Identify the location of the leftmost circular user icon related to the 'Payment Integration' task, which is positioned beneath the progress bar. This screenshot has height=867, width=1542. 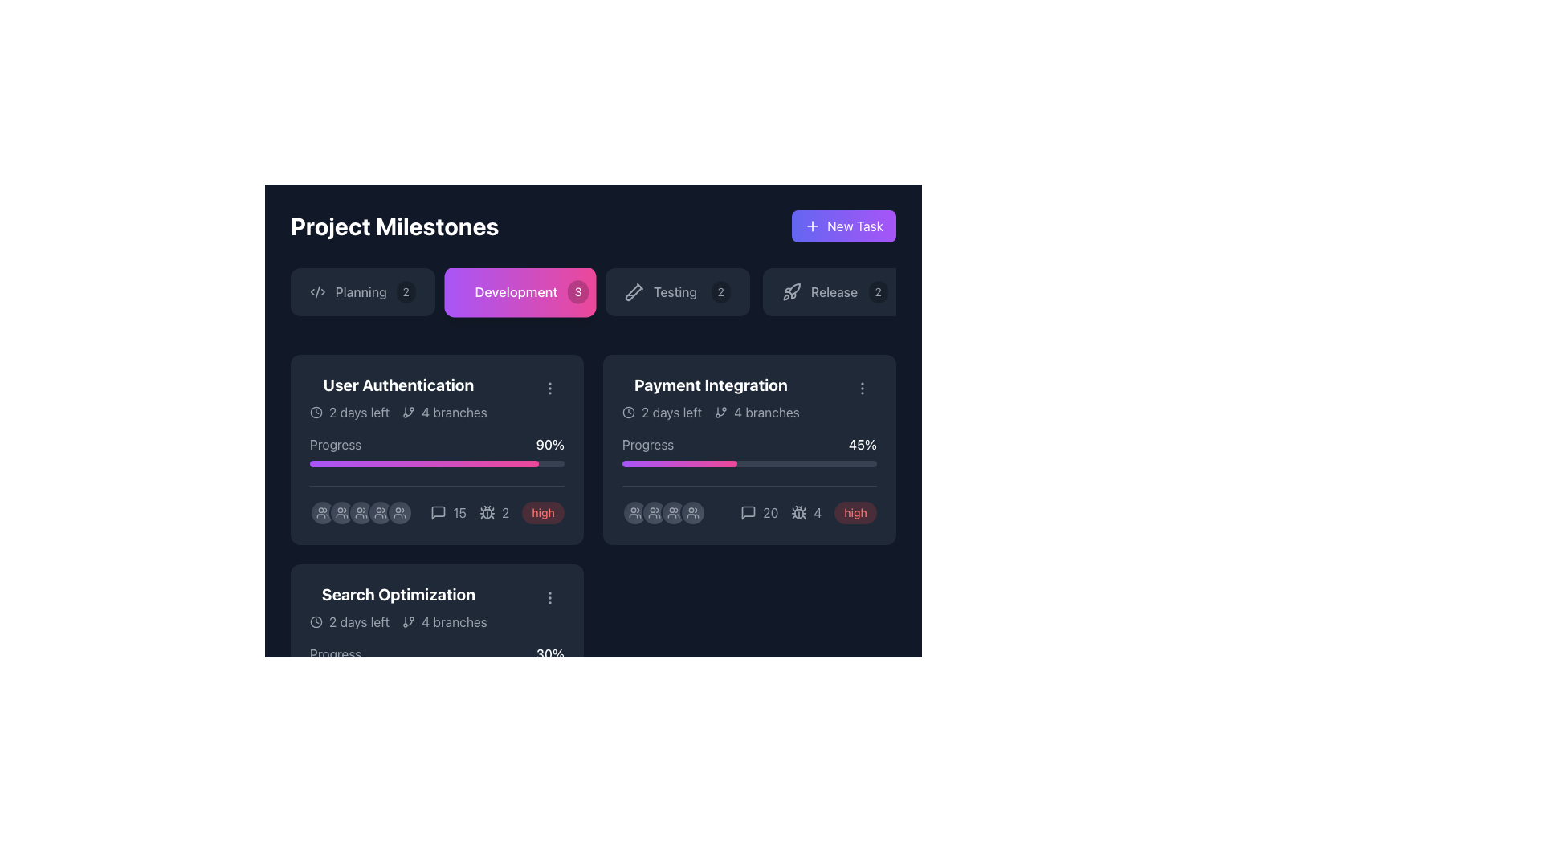
(634, 513).